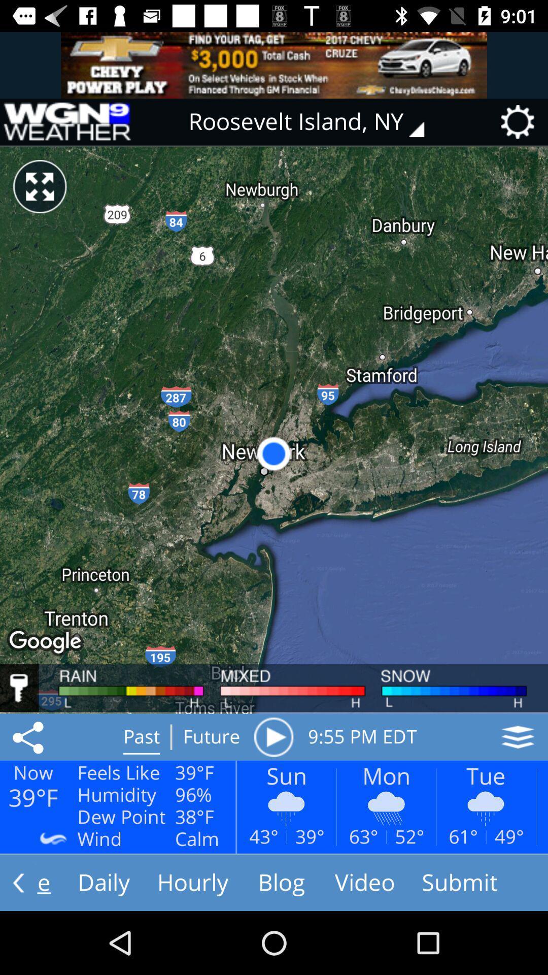 This screenshot has height=975, width=548. What do you see at coordinates (518, 737) in the screenshot?
I see `the layers icon` at bounding box center [518, 737].